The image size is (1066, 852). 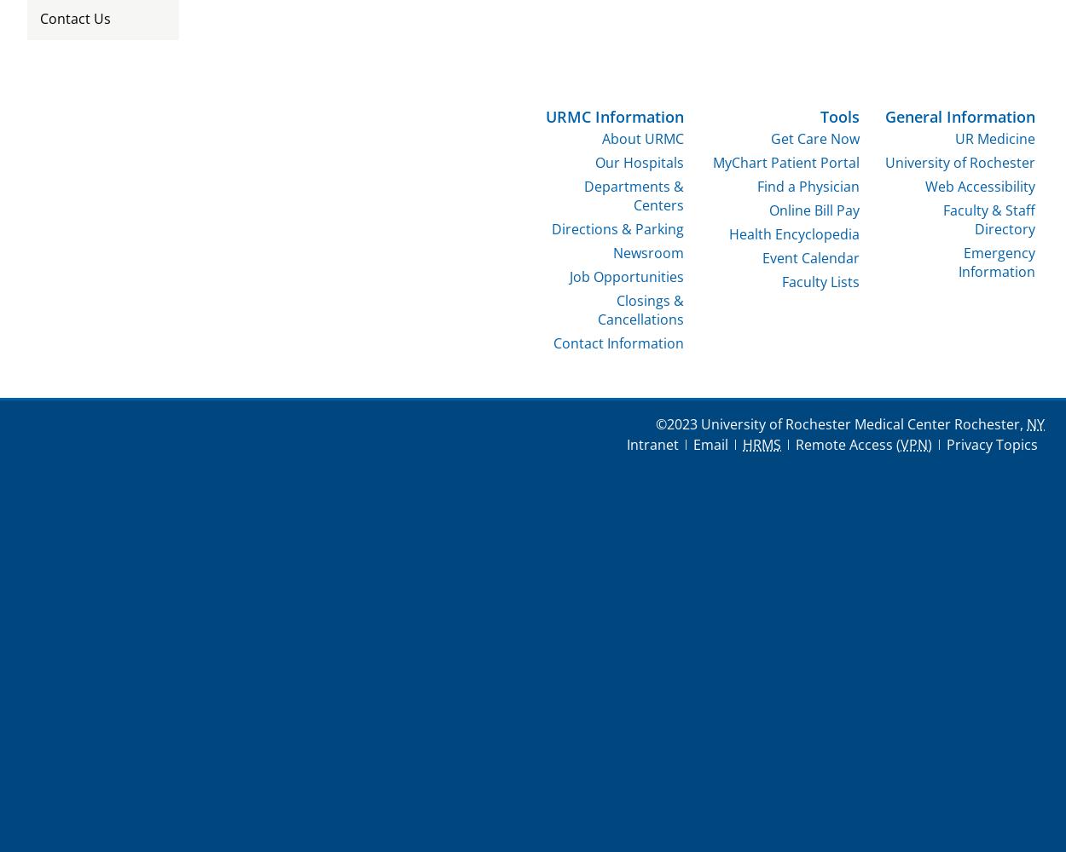 I want to click on 'Health Encyclopedia', so click(x=728, y=233).